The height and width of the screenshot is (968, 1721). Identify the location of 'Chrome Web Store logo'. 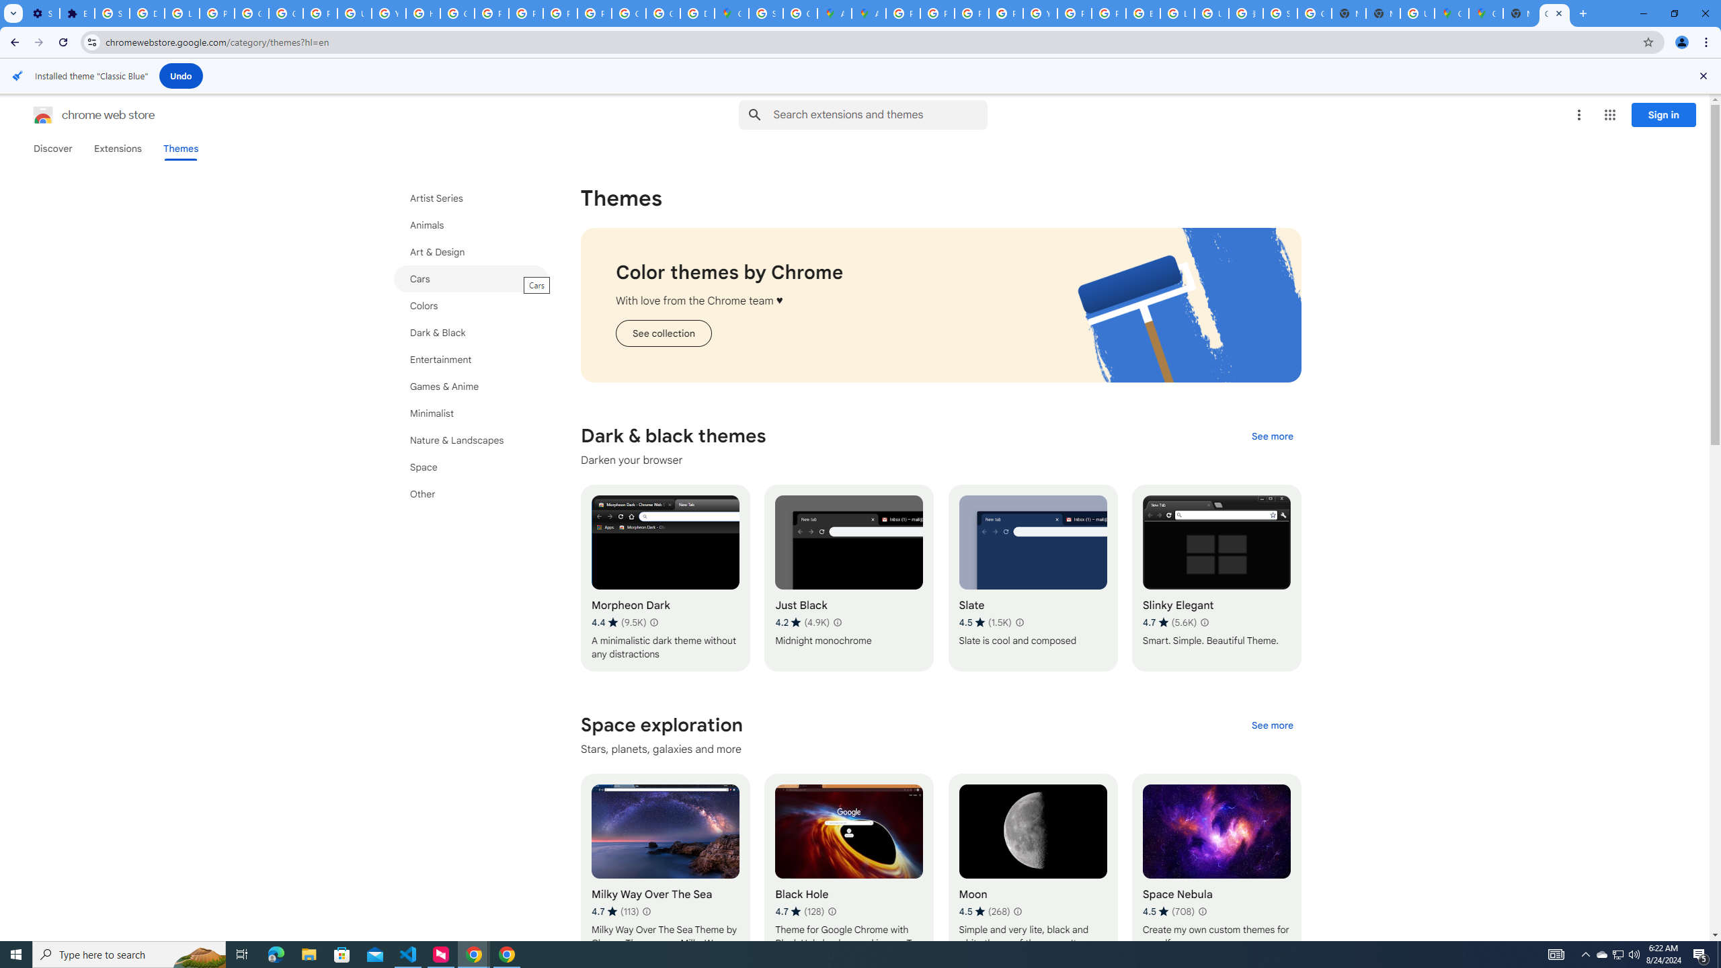
(43, 115).